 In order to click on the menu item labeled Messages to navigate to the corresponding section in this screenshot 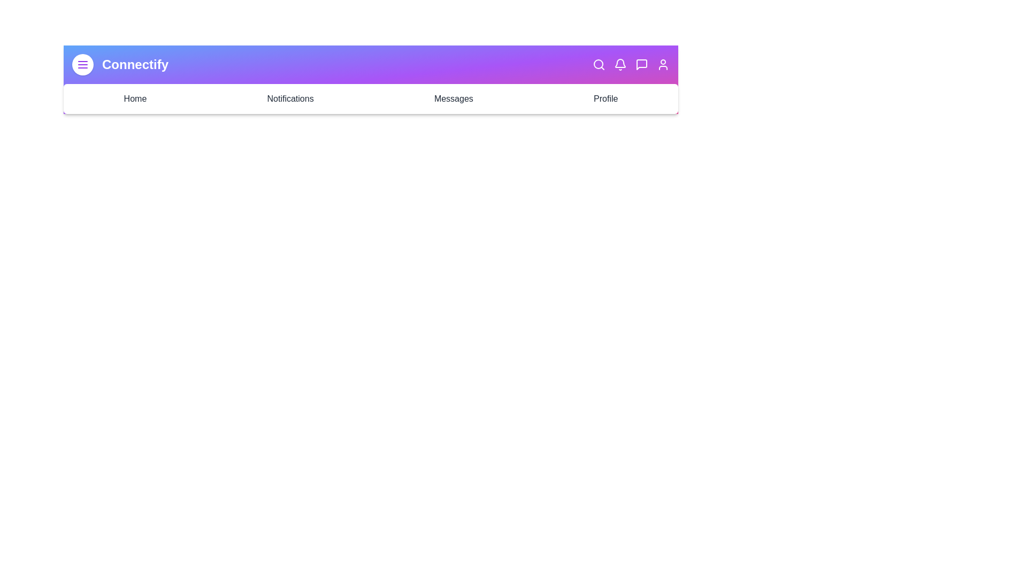, I will do `click(454, 99)`.